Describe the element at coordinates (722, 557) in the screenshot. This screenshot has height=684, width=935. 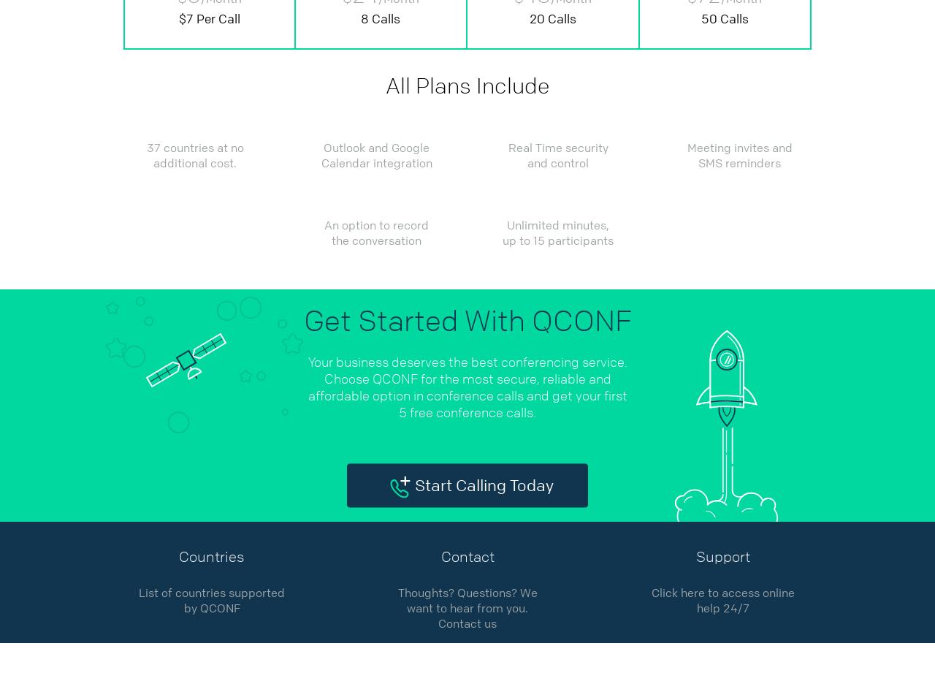
I see `'Support'` at that location.